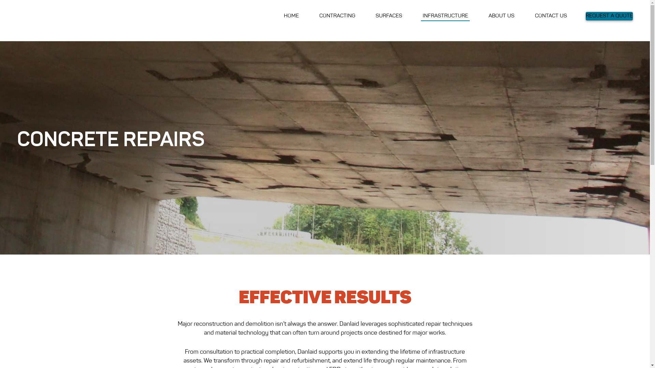 The height and width of the screenshot is (368, 655). I want to click on 'CONTACT US', so click(551, 16).